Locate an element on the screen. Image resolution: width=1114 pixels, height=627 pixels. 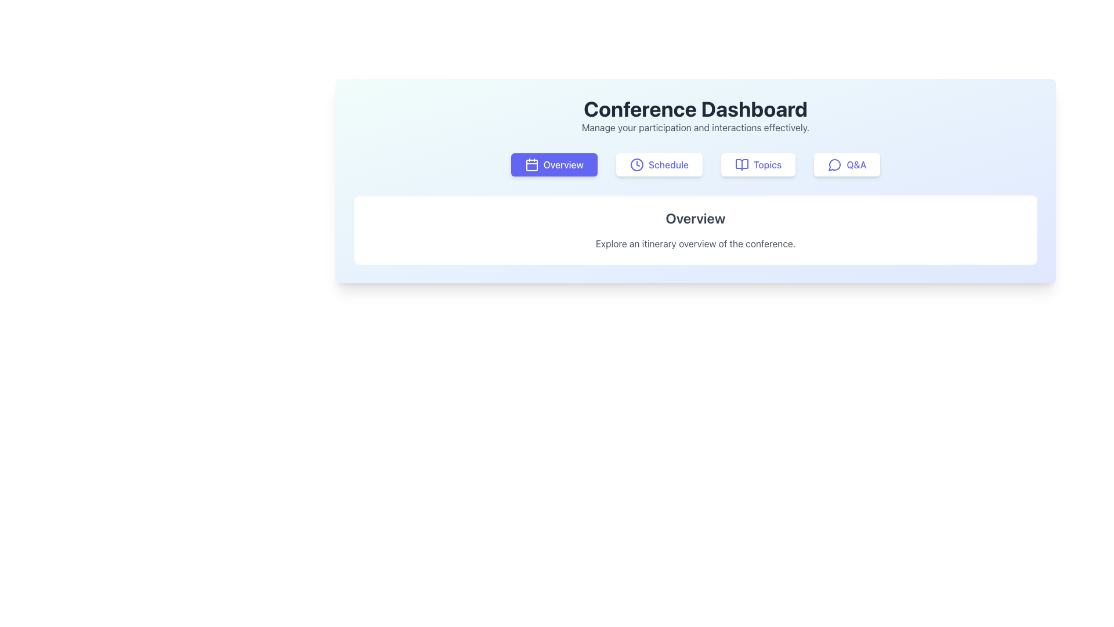
text content of the 'Topics' label located within the navigation button, which is the third button from the left in the horizontal navigation bar is located at coordinates (768, 165).